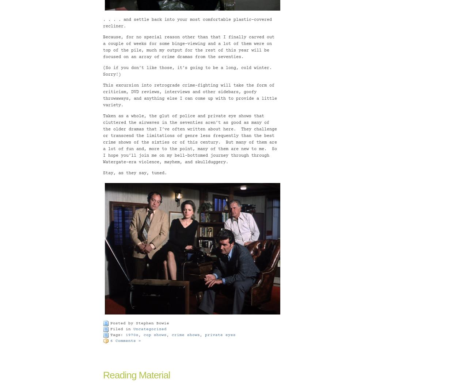 The width and height of the screenshot is (475, 385). What do you see at coordinates (110, 328) in the screenshot?
I see `'Filed in'` at bounding box center [110, 328].